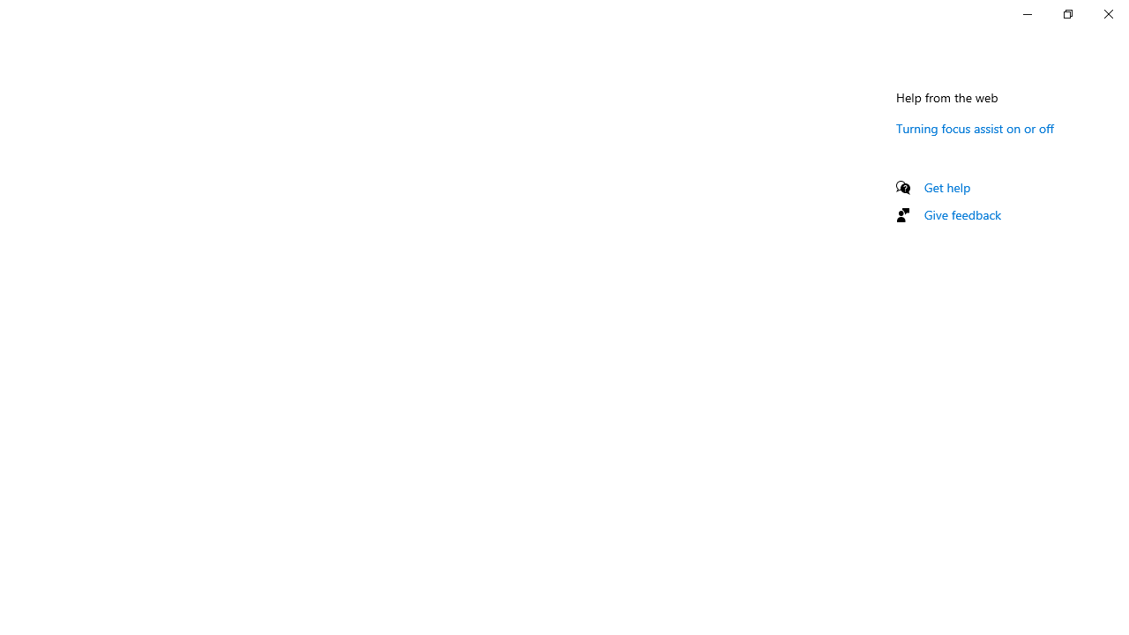  Describe the element at coordinates (974, 127) in the screenshot. I see `'Turning focus assist on or off'` at that location.